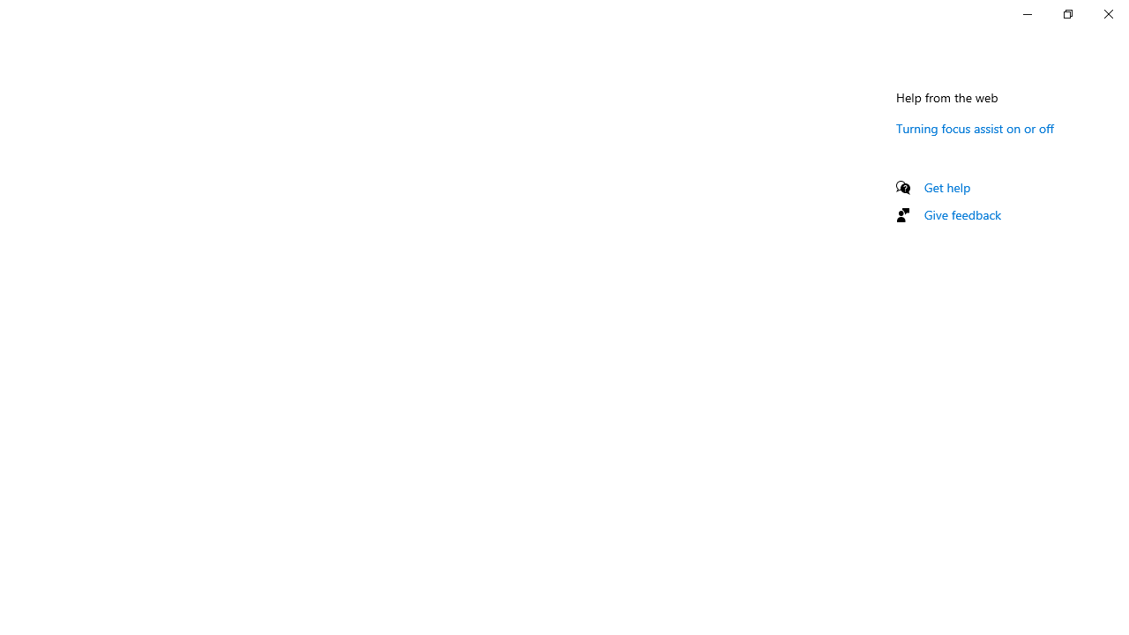  Describe the element at coordinates (974, 127) in the screenshot. I see `'Turning focus assist on or off'` at that location.